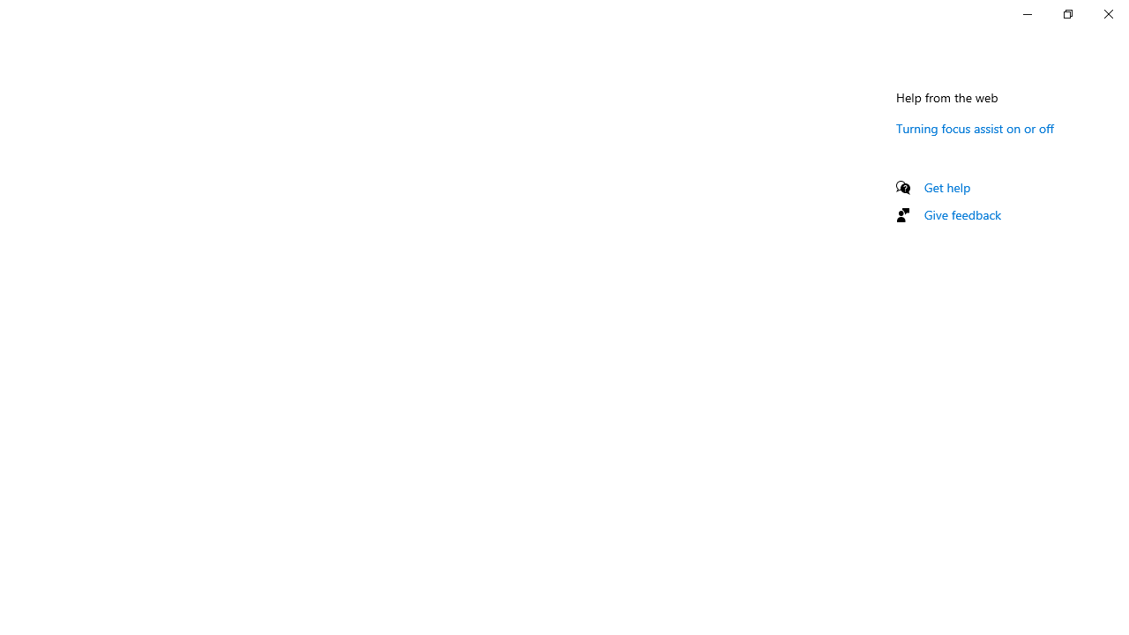  Describe the element at coordinates (974, 127) in the screenshot. I see `'Turning focus assist on or off'` at that location.